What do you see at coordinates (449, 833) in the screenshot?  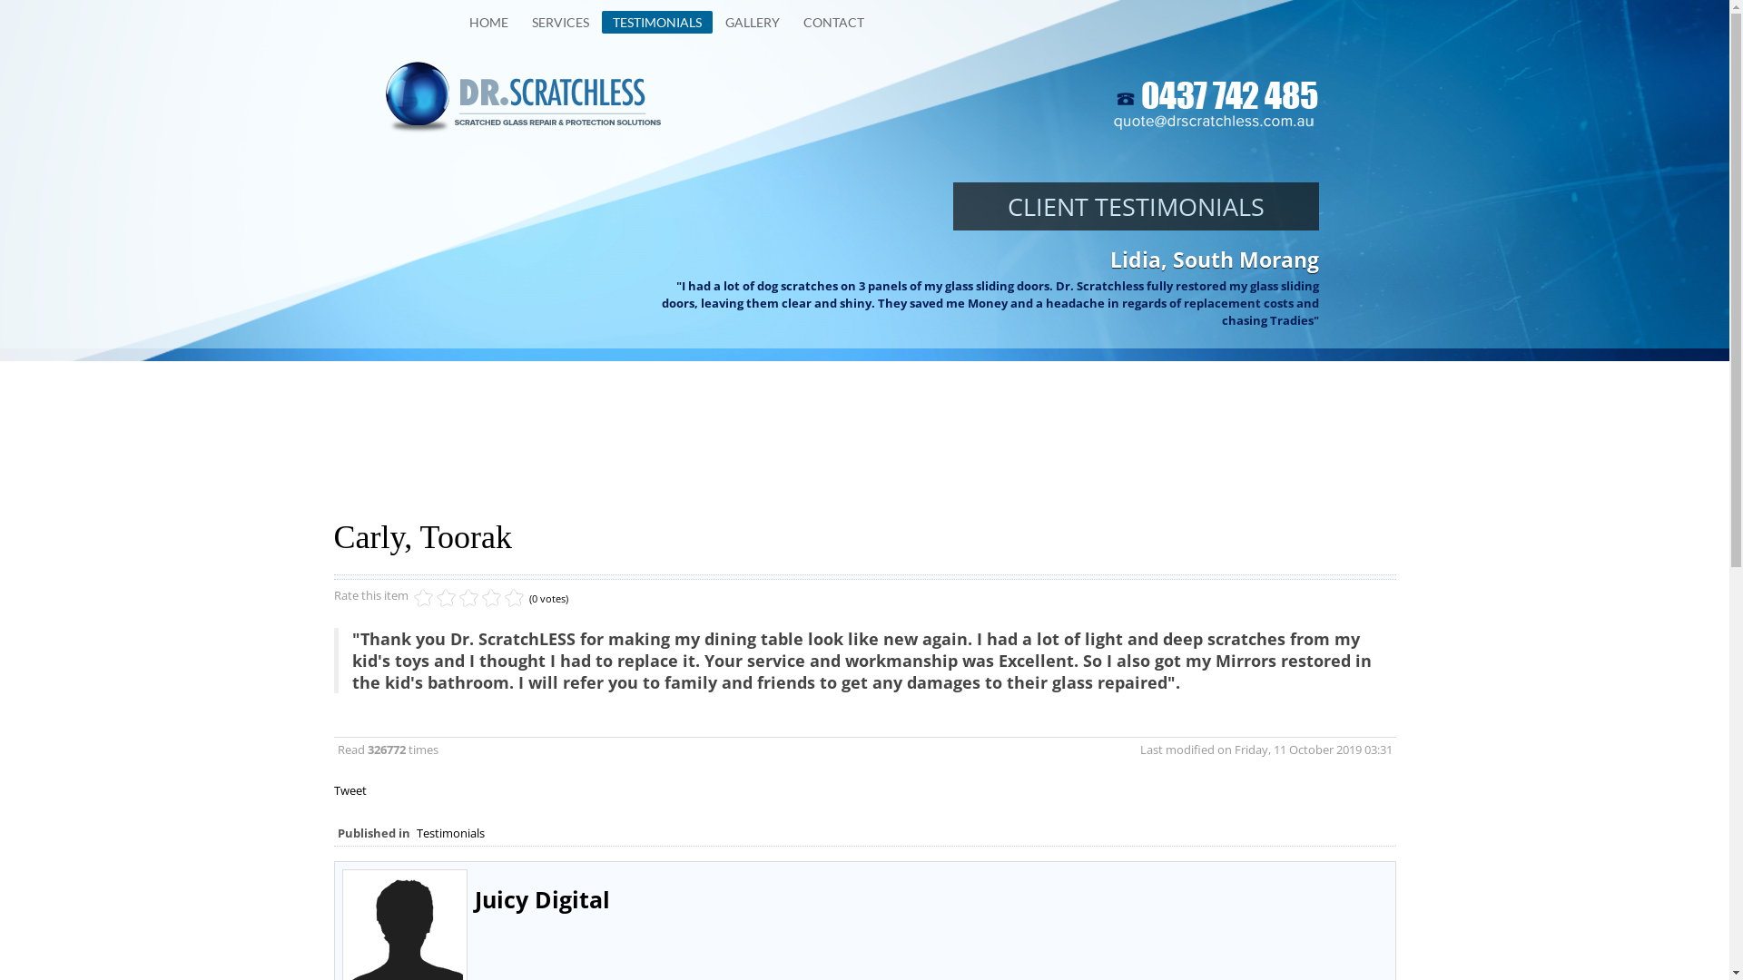 I see `'Testimonials'` at bounding box center [449, 833].